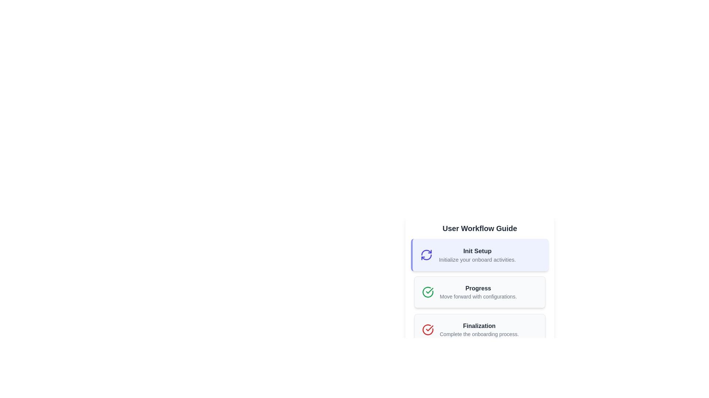 The image size is (709, 398). What do you see at coordinates (480, 254) in the screenshot?
I see `the icon associated with the informational card that displays heading` at bounding box center [480, 254].